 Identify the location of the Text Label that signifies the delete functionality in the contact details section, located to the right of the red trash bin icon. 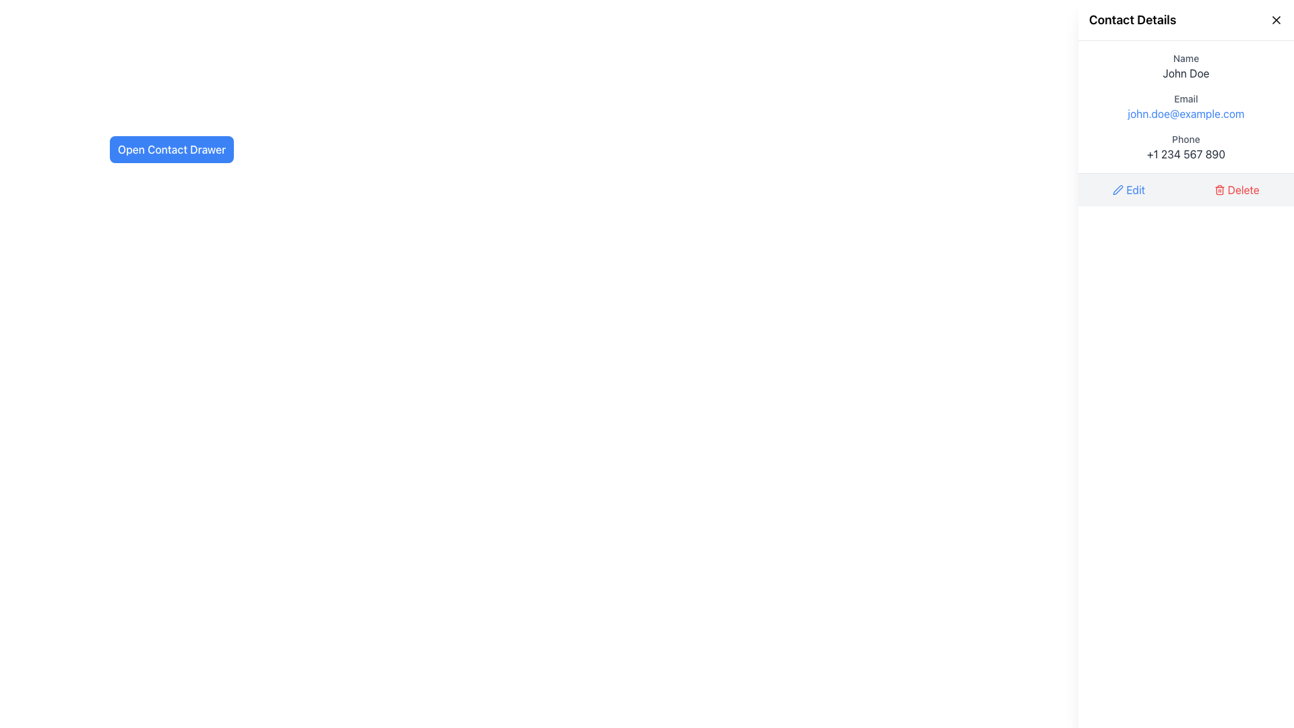
(1243, 189).